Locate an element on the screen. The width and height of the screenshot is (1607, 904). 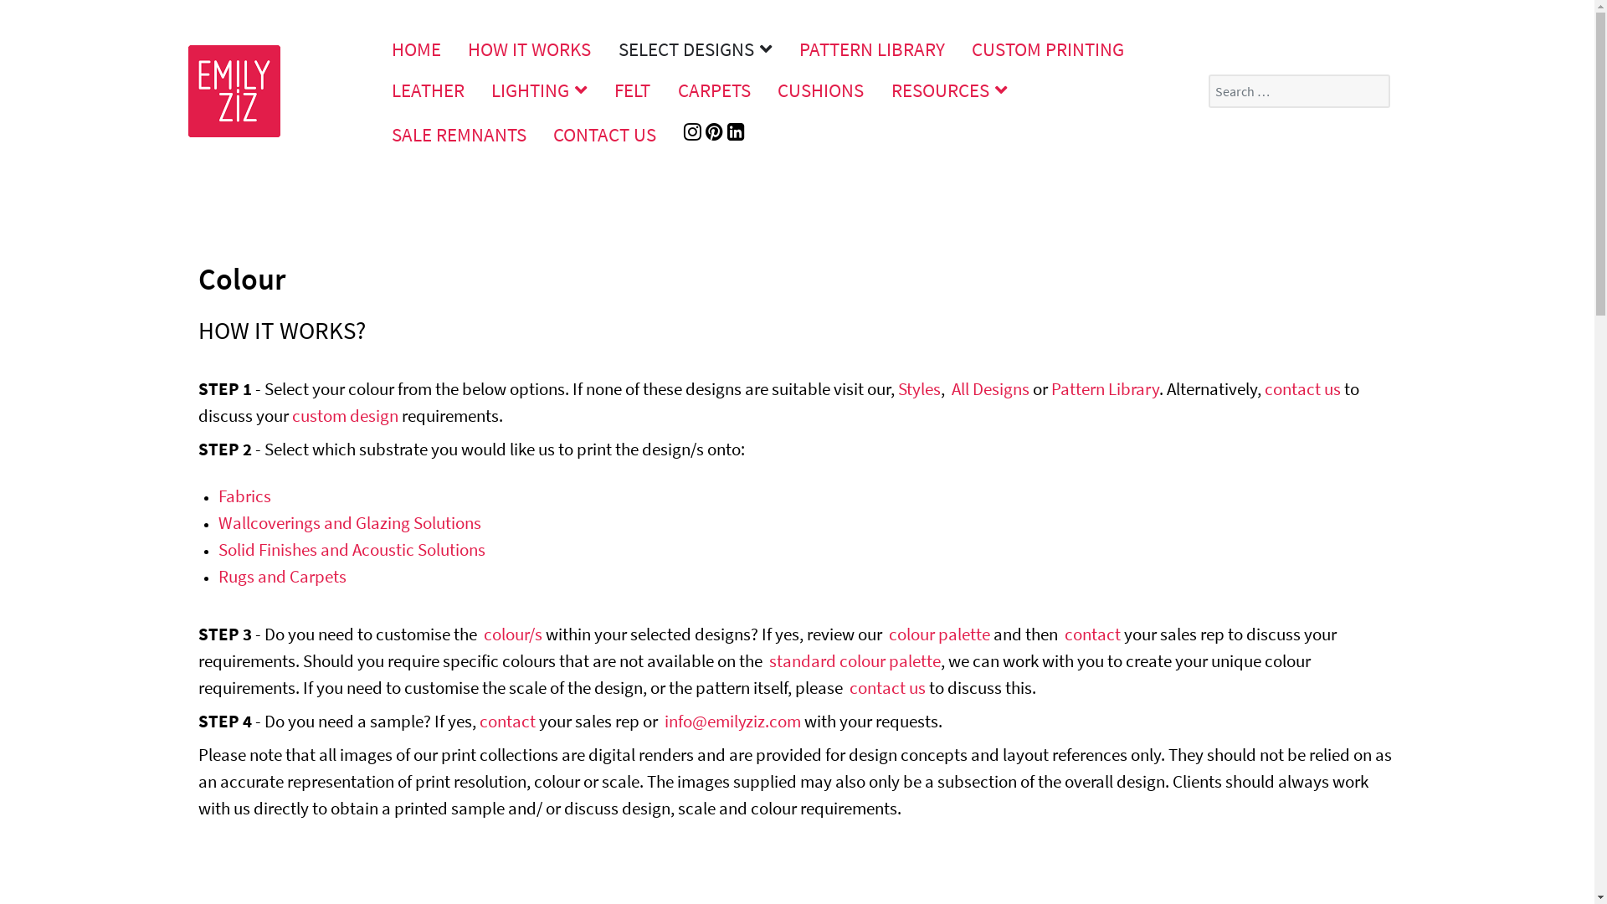
'info@emilyziz.com' is located at coordinates (732, 720).